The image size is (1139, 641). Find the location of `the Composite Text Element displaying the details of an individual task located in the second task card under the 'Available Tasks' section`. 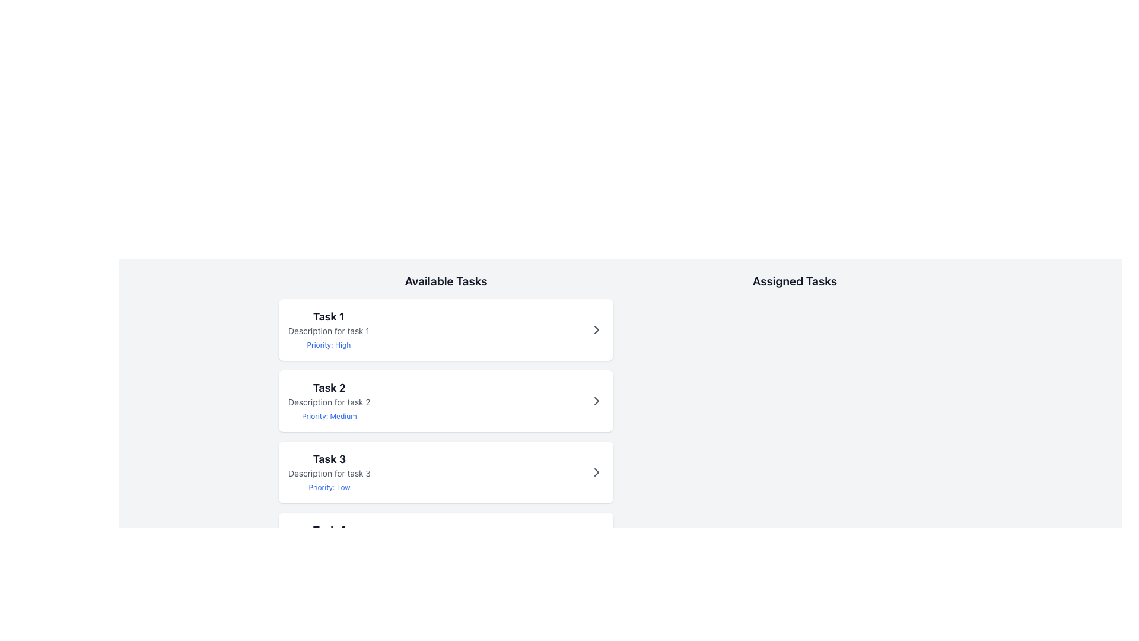

the Composite Text Element displaying the details of an individual task located in the second task card under the 'Available Tasks' section is located at coordinates (329, 401).